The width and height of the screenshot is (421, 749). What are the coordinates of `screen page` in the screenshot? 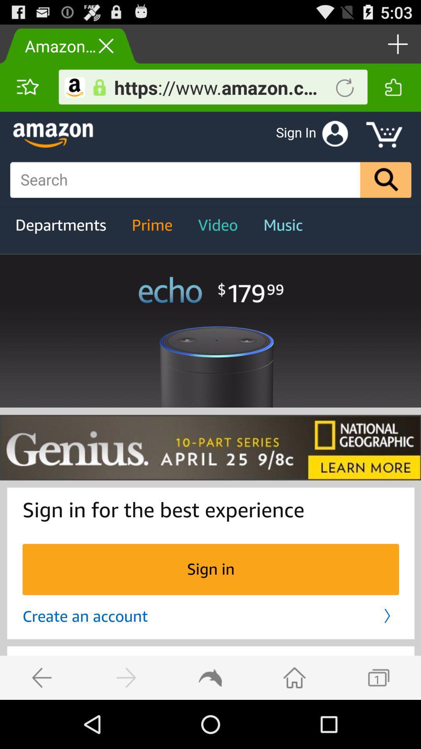 It's located at (210, 406).